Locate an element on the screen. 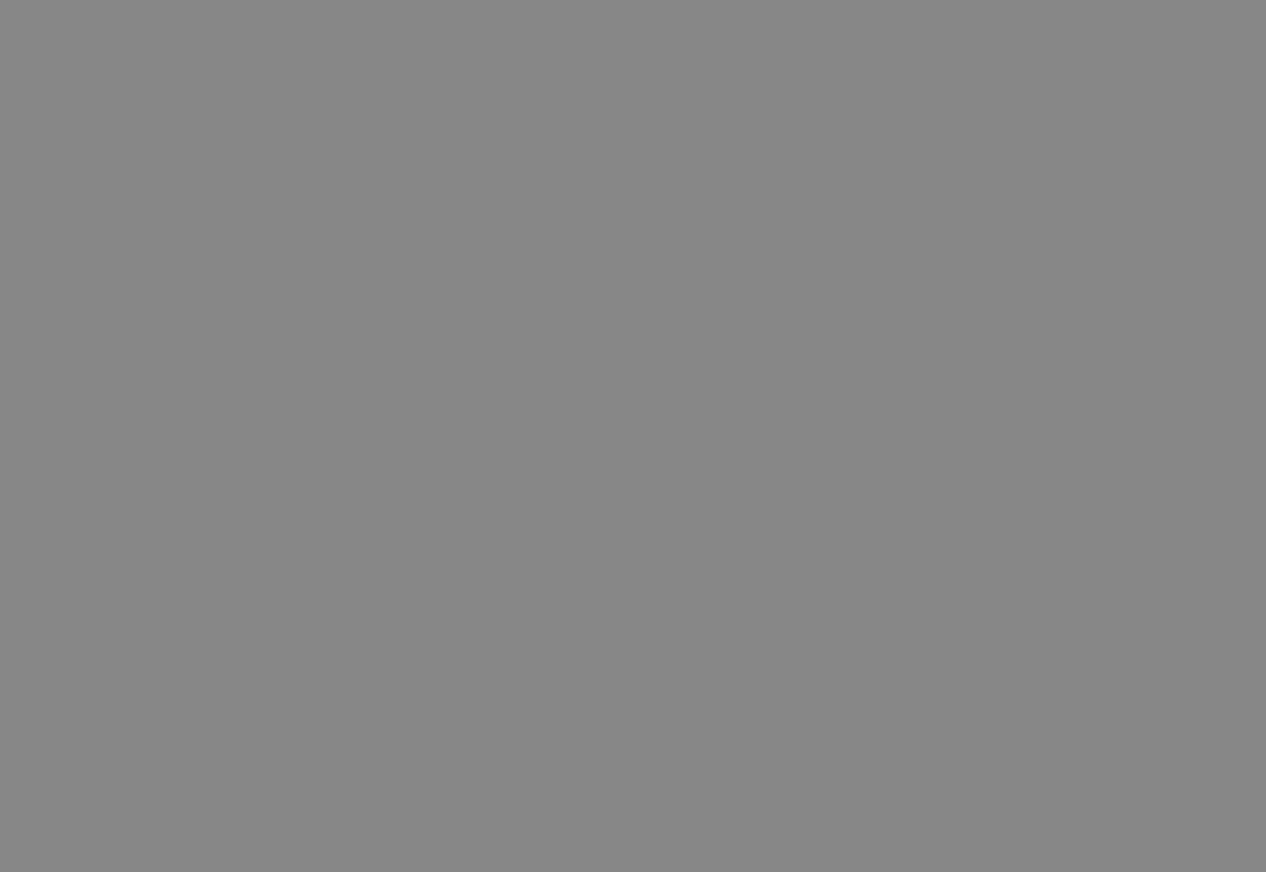 The image size is (1266, 872). 'EnerLyzer Live Handout' is located at coordinates (747, 413).